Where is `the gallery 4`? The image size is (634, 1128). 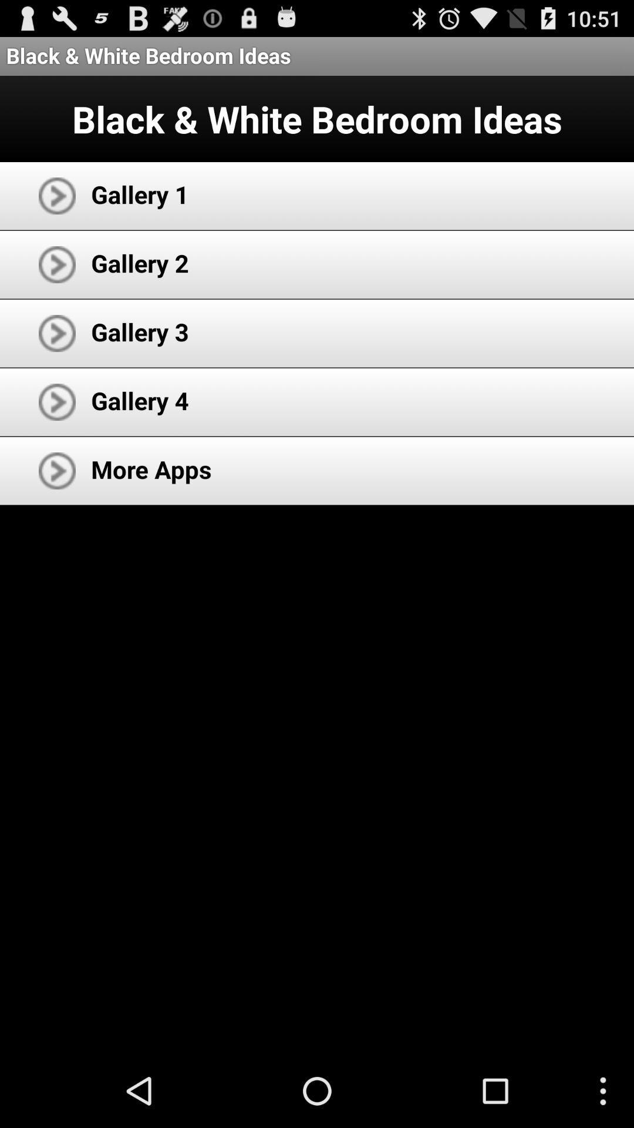 the gallery 4 is located at coordinates (139, 400).